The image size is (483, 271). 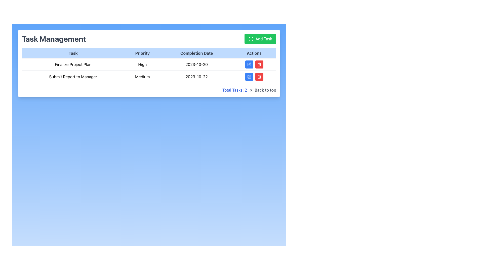 What do you see at coordinates (259, 64) in the screenshot?
I see `the trash icon button, which is styled as a graphical representation of a trash can, located in the 'Actions' column, second button in the row for 'Submit Report to Manager'` at bounding box center [259, 64].